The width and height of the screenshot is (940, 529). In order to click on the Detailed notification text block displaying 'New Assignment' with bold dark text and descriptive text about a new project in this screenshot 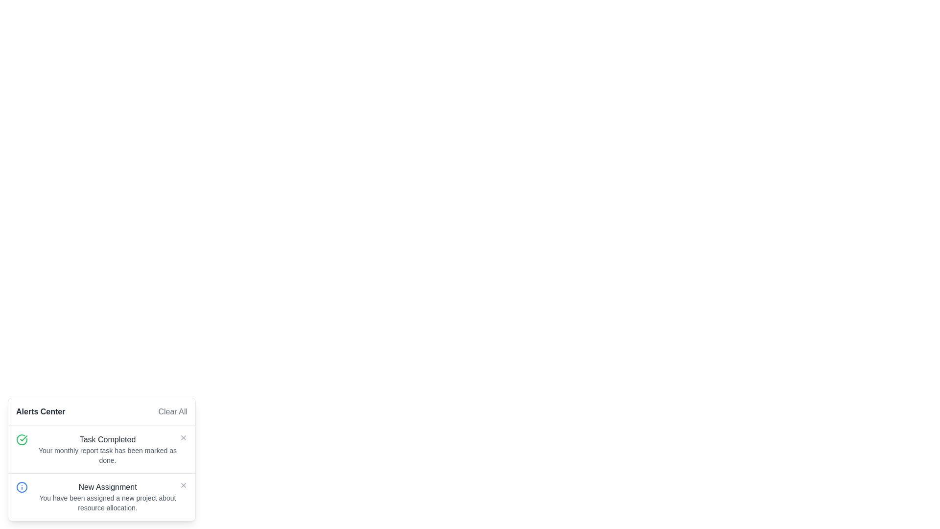, I will do `click(108, 497)`.